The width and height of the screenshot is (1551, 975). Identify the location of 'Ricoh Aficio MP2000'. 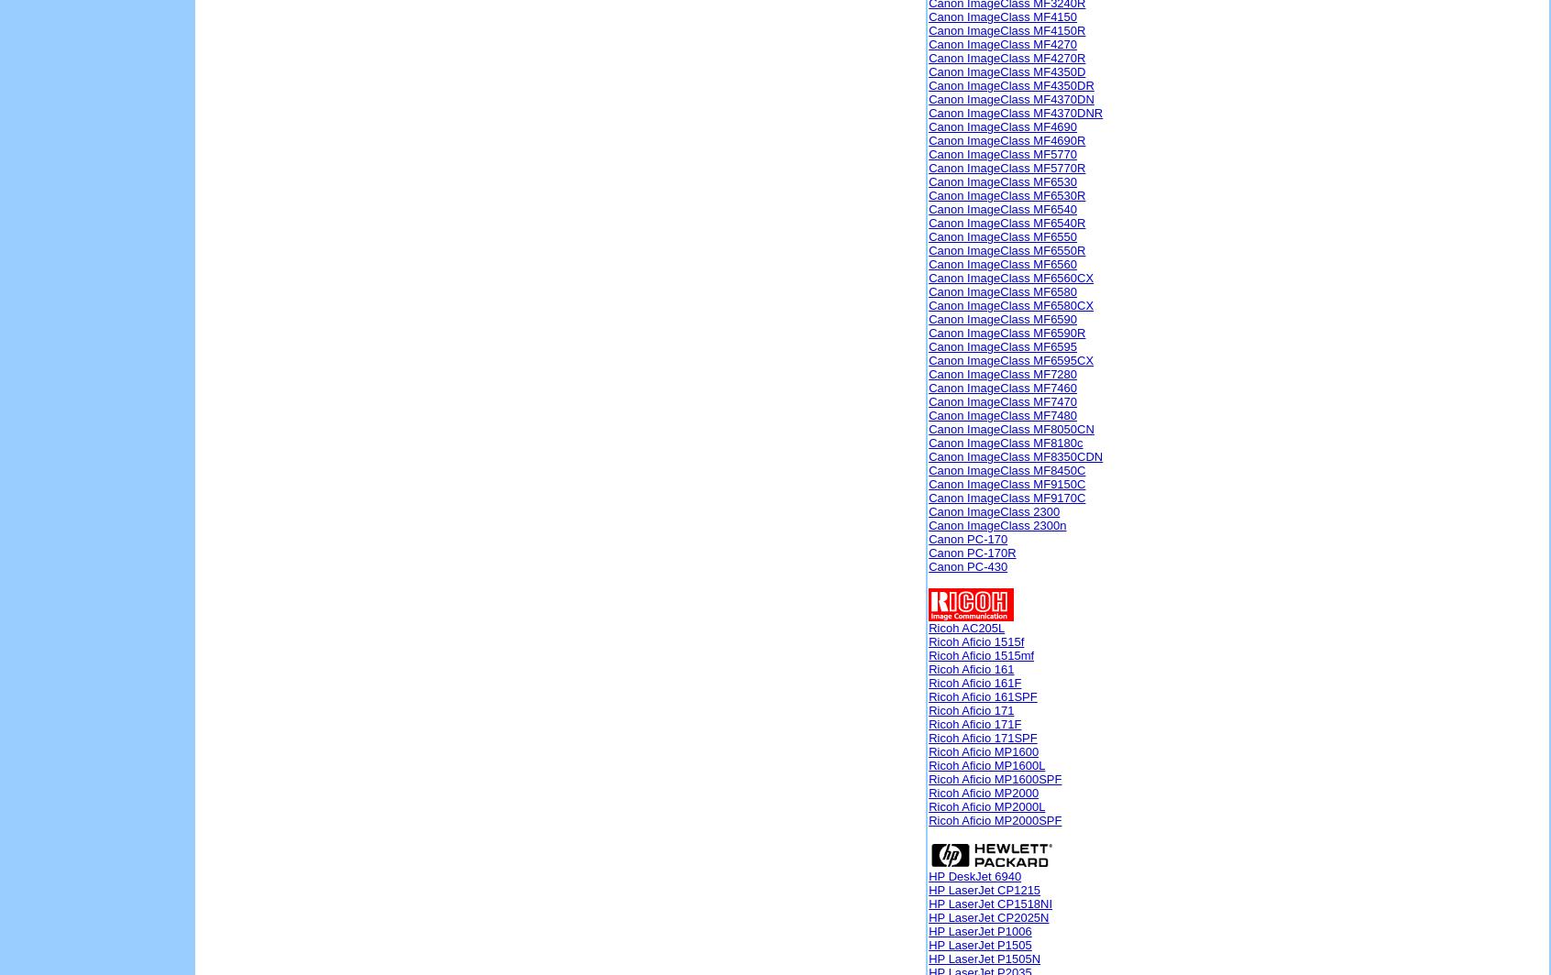
(984, 793).